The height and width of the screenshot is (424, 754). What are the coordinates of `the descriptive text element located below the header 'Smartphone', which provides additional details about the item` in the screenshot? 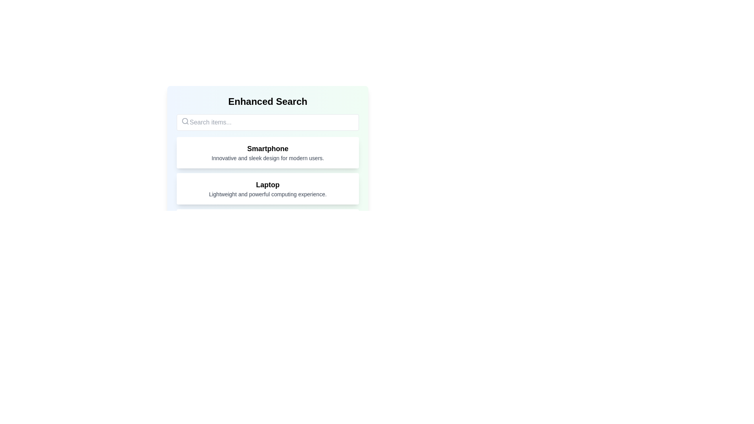 It's located at (267, 158).